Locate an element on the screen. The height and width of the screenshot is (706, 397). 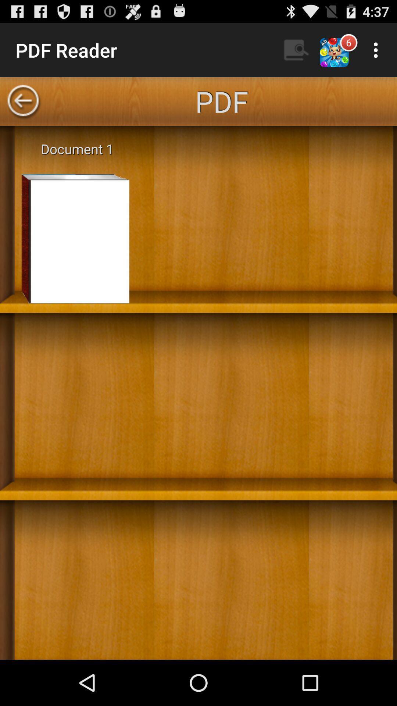
back is located at coordinates (22, 101).